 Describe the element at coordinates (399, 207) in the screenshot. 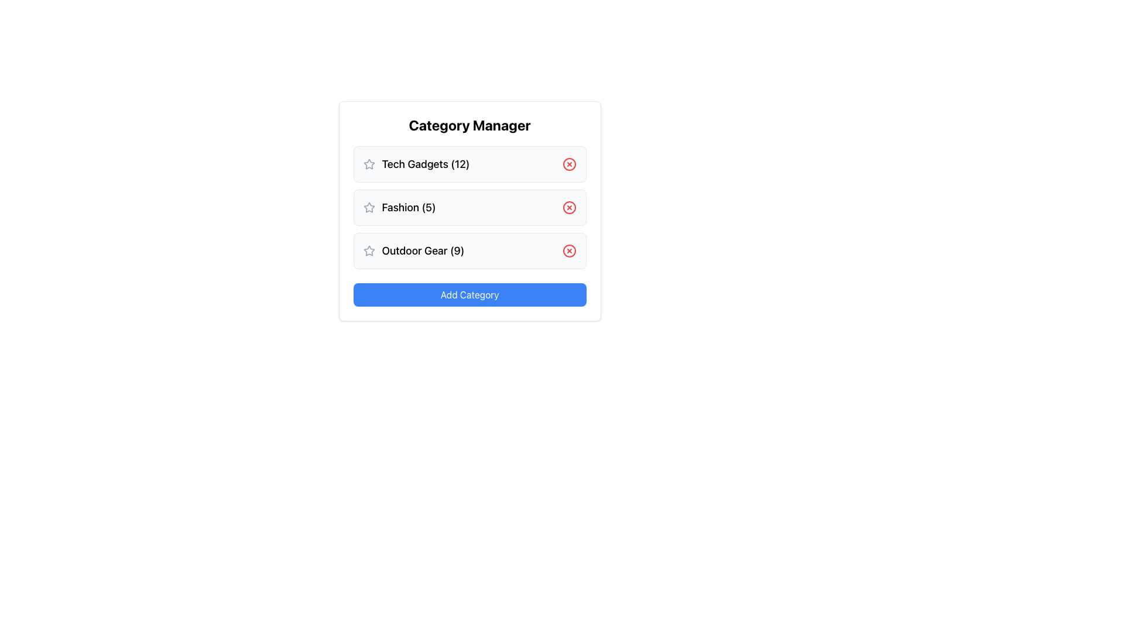

I see `the second Text Label element in the category list that displays a category name and a count of associated items, positioned between 'Tech Gadgets (12)' and 'Outdoor Gear (9)', to the right of a gray star icon and left of a circular red icon with a cross` at that location.